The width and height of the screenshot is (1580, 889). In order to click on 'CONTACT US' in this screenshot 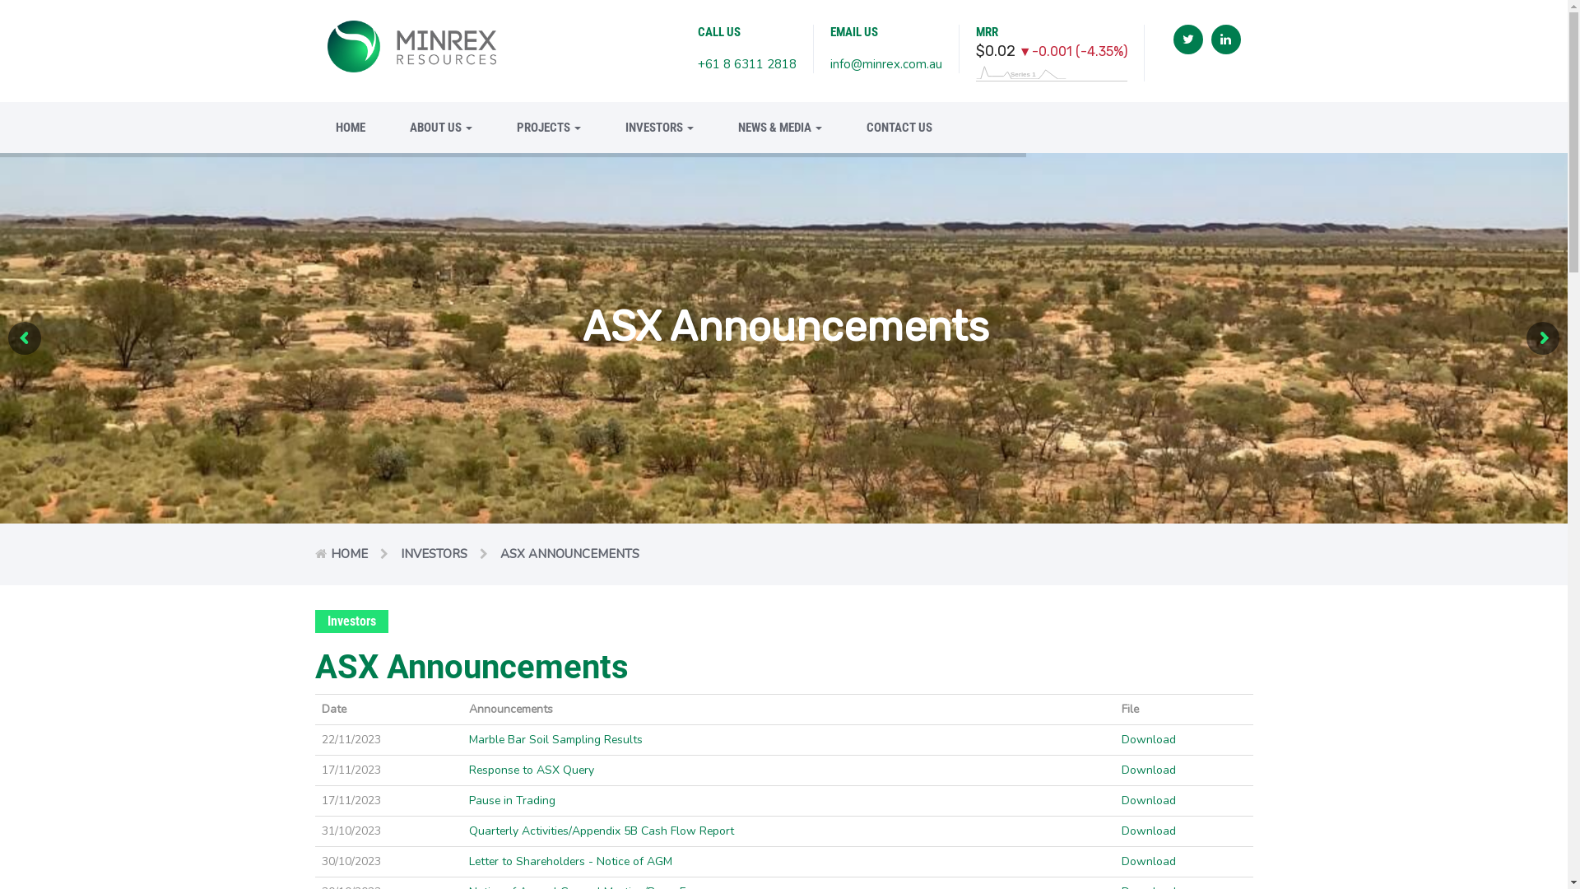, I will do `click(888, 126)`.